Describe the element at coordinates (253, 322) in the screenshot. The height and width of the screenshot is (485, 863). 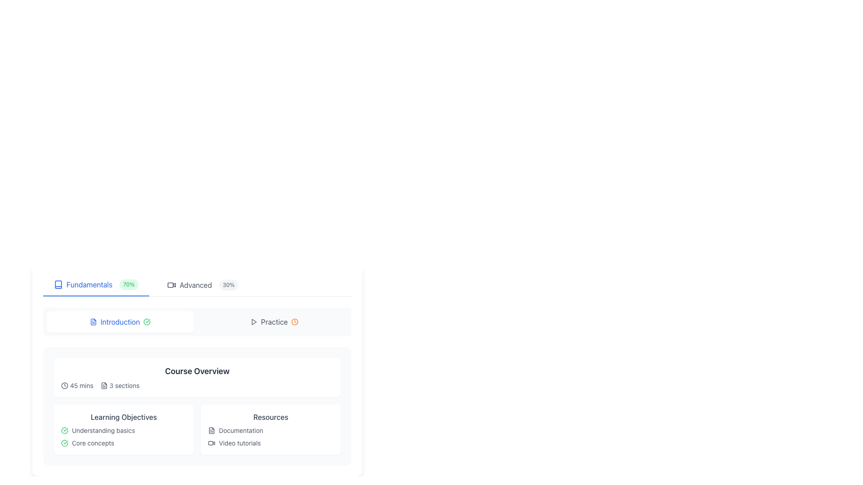
I see `the triangular 'play' icon, which is the first icon to the left within the 'Practice' button in the top navigation section` at that location.